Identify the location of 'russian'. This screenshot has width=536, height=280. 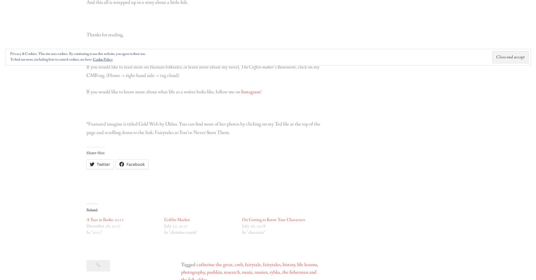
(260, 272).